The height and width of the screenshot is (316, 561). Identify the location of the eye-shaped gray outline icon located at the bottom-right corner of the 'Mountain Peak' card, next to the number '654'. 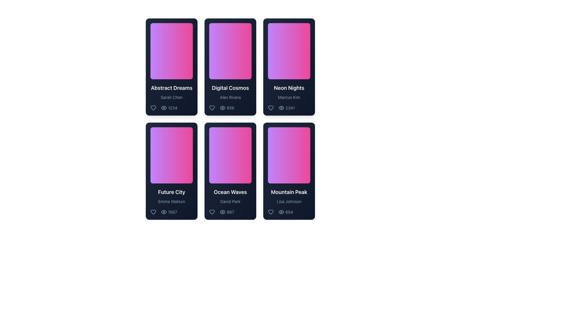
(281, 212).